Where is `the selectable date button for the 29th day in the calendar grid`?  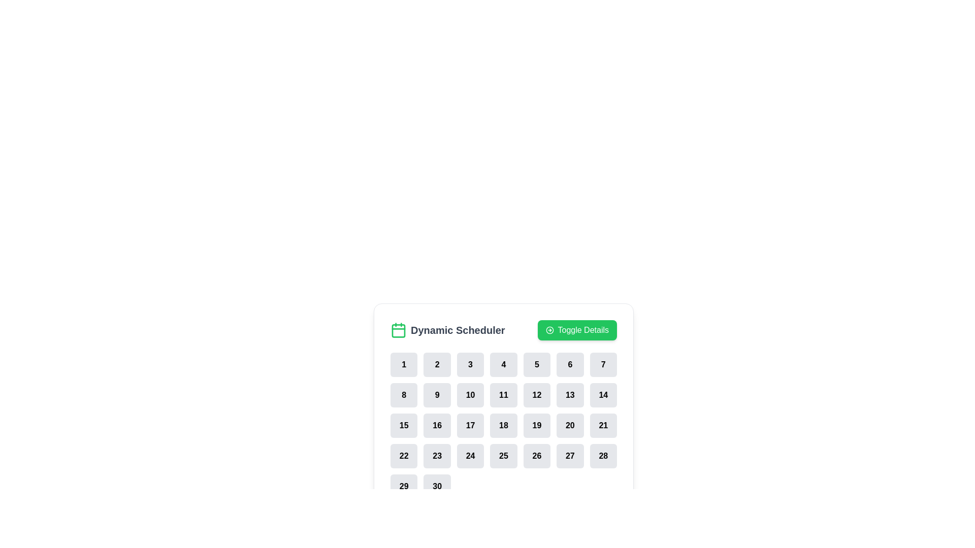
the selectable date button for the 29th day in the calendar grid is located at coordinates (403, 486).